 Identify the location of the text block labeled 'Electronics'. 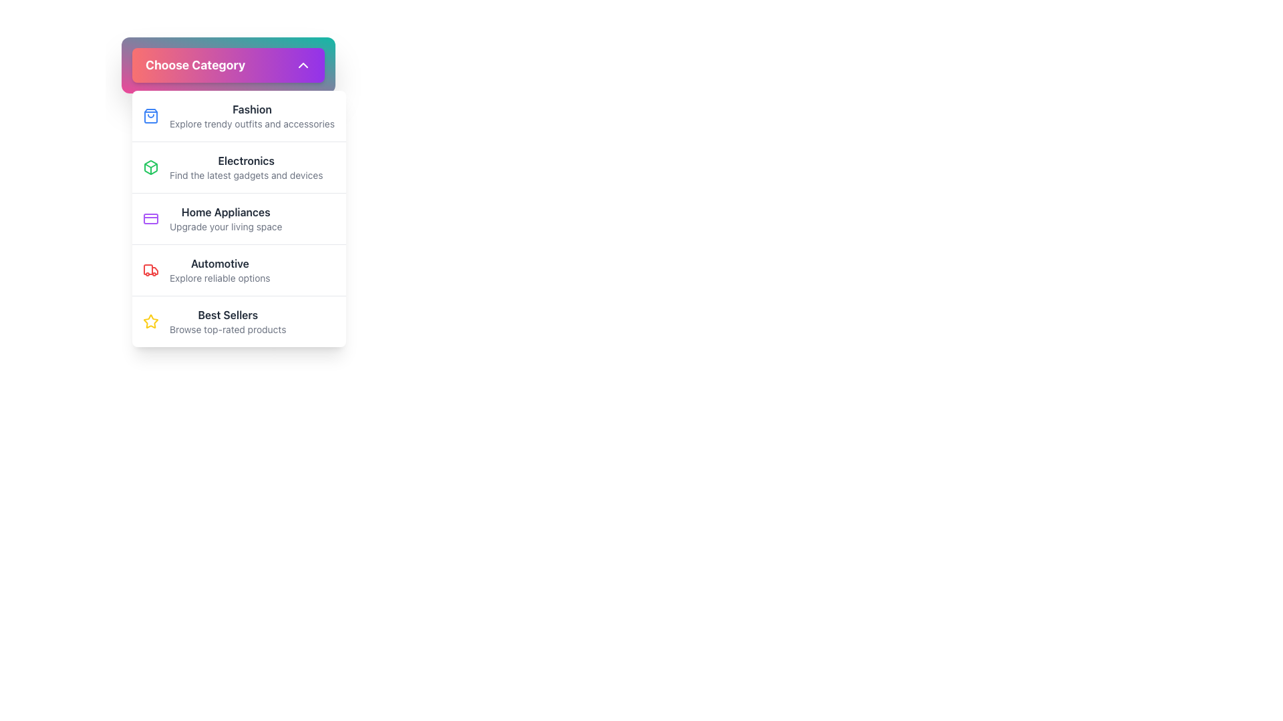
(246, 166).